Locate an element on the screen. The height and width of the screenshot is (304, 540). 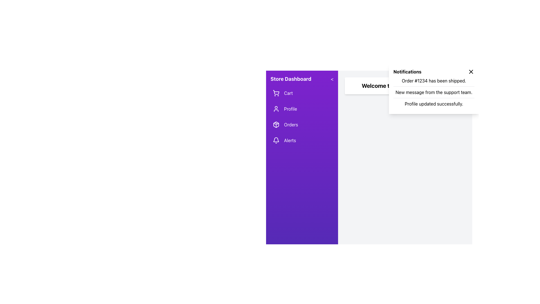
the 'Profile' text label in the navigation sidebar is located at coordinates (290, 109).